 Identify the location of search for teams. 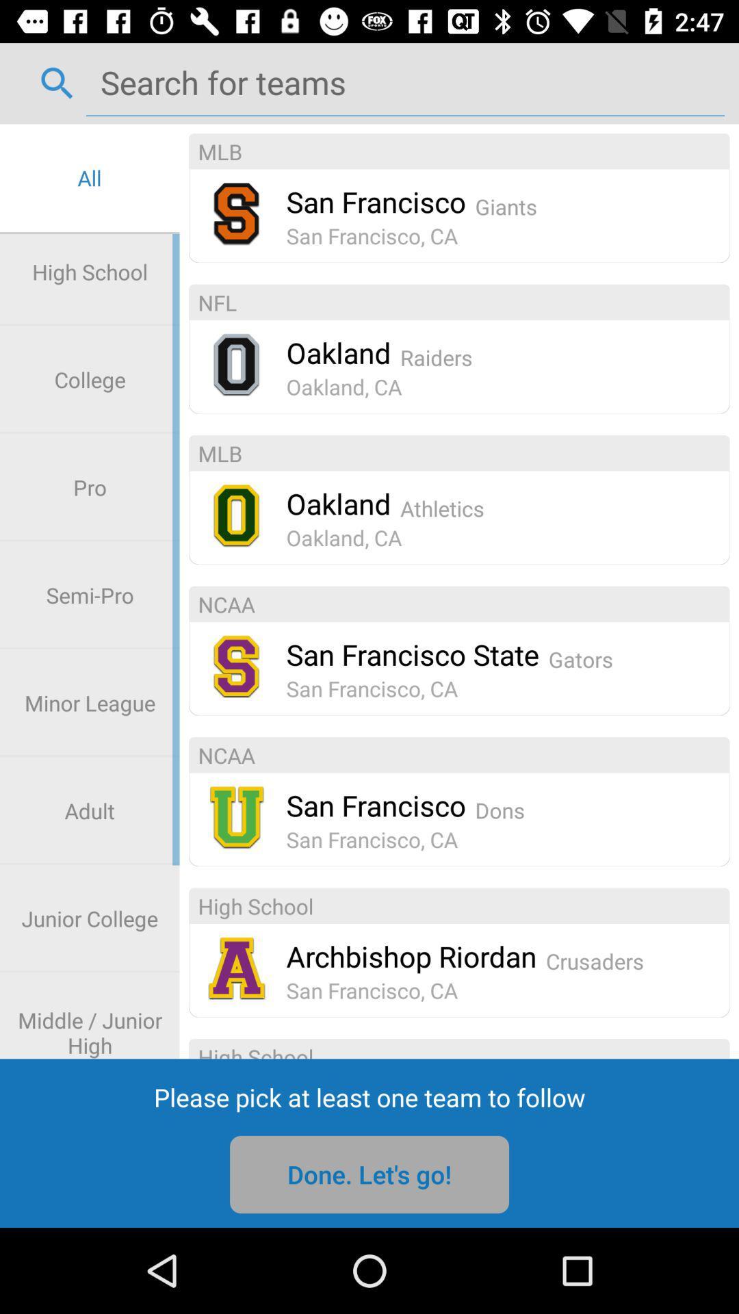
(404, 81).